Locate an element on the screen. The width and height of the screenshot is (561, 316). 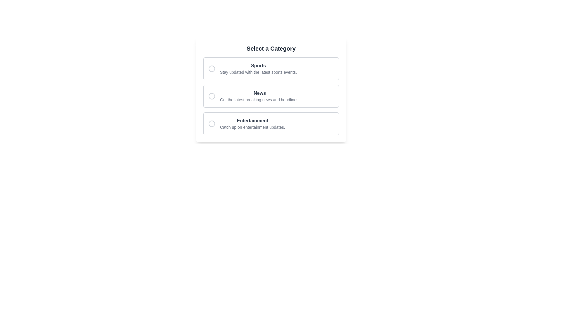
the circle element representing the selection state for the 'News' category is located at coordinates (211, 96).